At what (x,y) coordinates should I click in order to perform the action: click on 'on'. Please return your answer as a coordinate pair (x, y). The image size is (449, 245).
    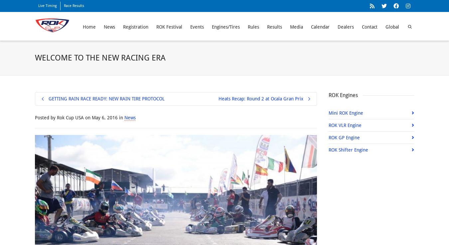
    Looking at the image, I should click on (87, 117).